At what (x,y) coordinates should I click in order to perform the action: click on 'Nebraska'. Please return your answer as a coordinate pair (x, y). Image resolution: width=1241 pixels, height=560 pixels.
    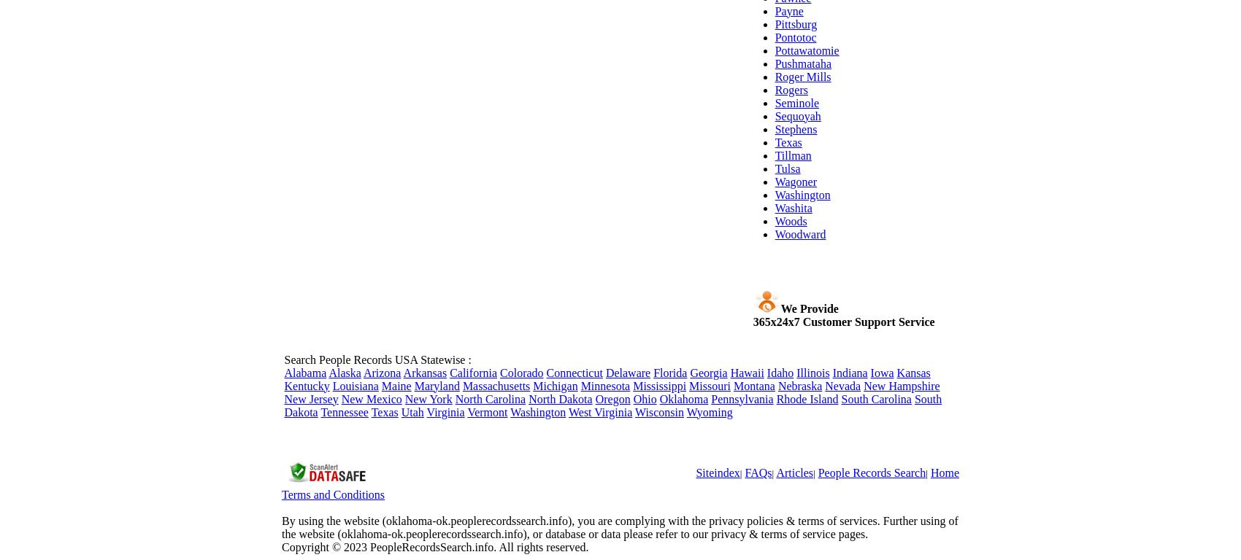
    Looking at the image, I should click on (799, 384).